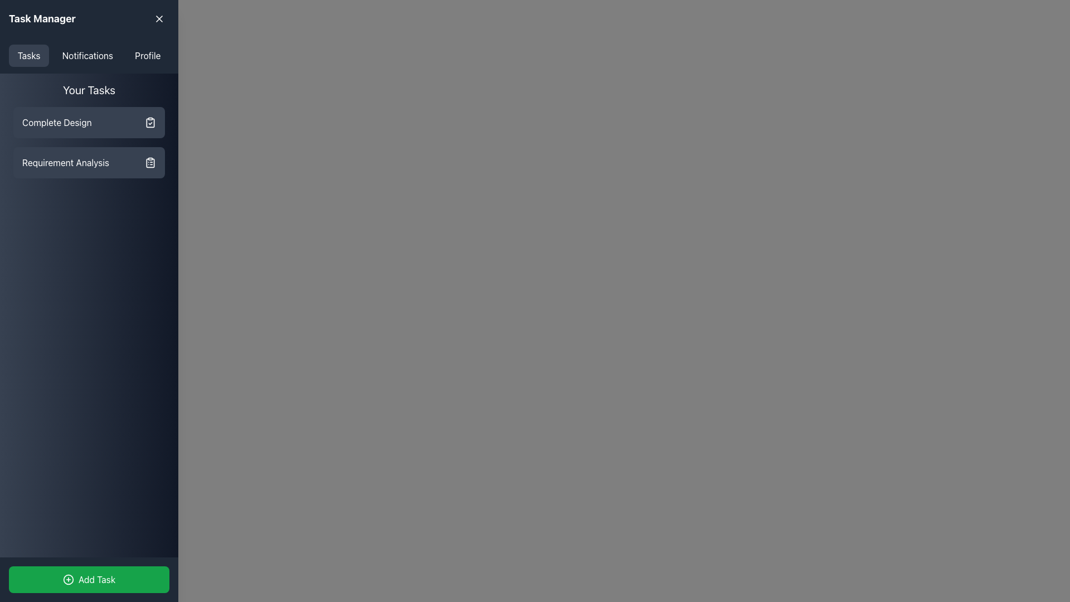 This screenshot has height=602, width=1070. Describe the element at coordinates (65, 163) in the screenshot. I see `the text element labeled 'Requirement Analysis' which is located in the middle section of the left panel of the task manager interface` at that location.